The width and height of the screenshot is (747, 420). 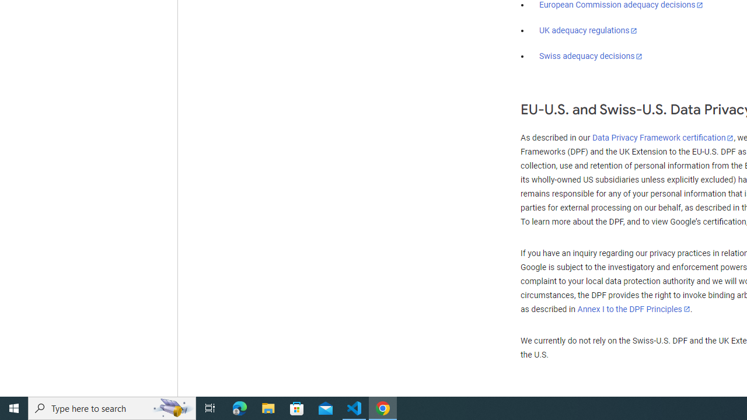 What do you see at coordinates (620, 5) in the screenshot?
I see `'European Commission adequacy decisions'` at bounding box center [620, 5].